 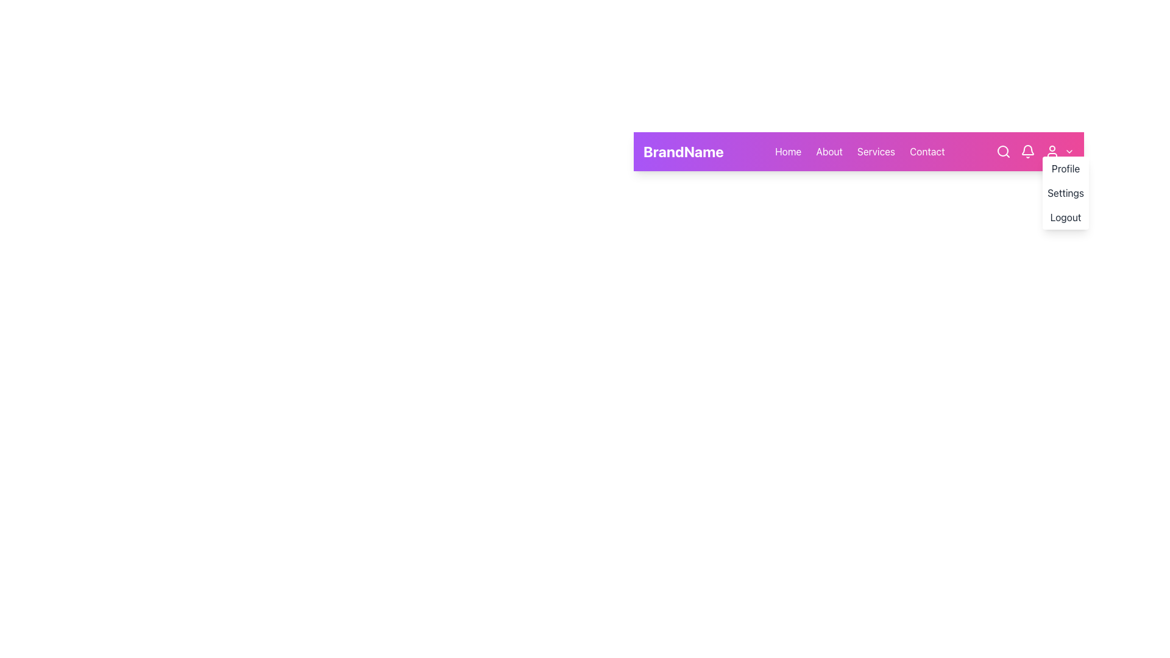 What do you see at coordinates (876, 151) in the screenshot?
I see `the 'Services' hyperlink in the horizontal navigation bar to observe the underline effect` at bounding box center [876, 151].